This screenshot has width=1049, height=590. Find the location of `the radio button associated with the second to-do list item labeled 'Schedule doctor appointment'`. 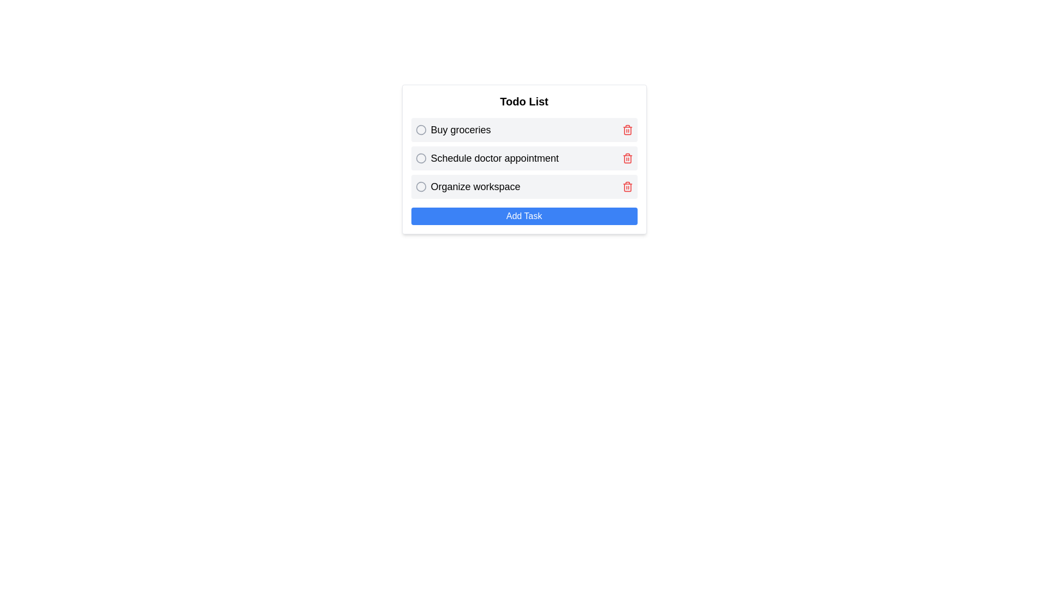

the radio button associated with the second to-do list item labeled 'Schedule doctor appointment' is located at coordinates (420, 158).